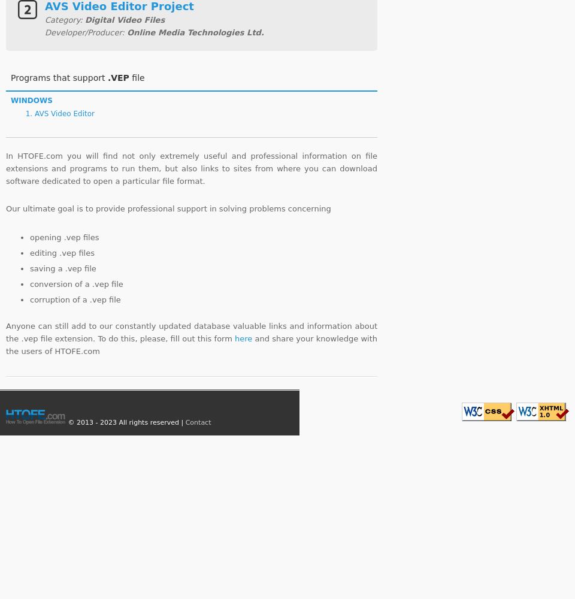 Image resolution: width=575 pixels, height=599 pixels. What do you see at coordinates (64, 237) in the screenshot?
I see `'opening .vep files'` at bounding box center [64, 237].